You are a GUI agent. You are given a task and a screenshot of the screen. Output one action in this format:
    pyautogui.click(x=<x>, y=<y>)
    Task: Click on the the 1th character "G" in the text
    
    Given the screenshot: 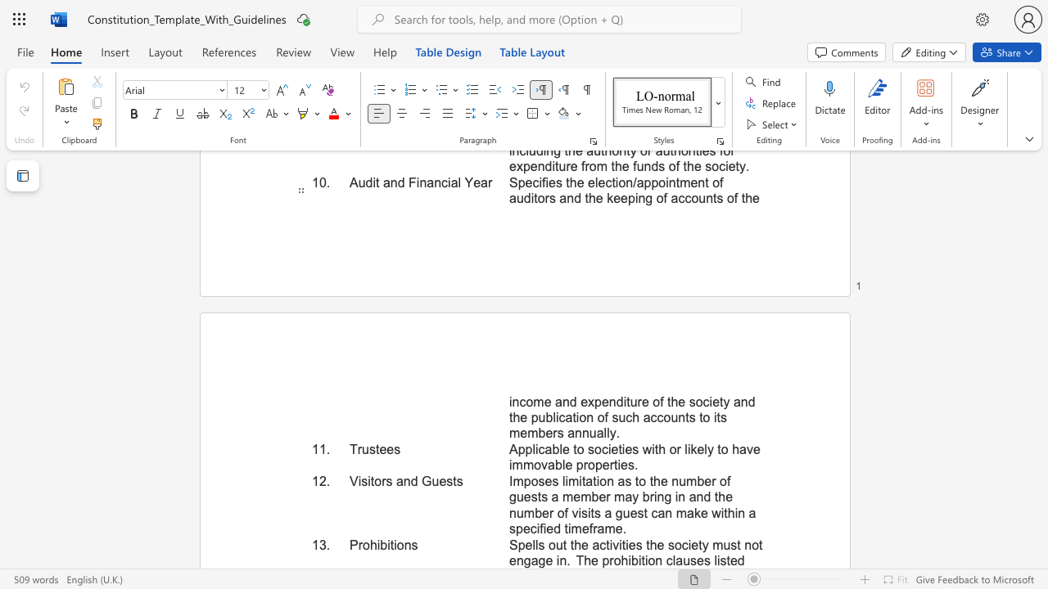 What is the action you would take?
    pyautogui.click(x=427, y=480)
    